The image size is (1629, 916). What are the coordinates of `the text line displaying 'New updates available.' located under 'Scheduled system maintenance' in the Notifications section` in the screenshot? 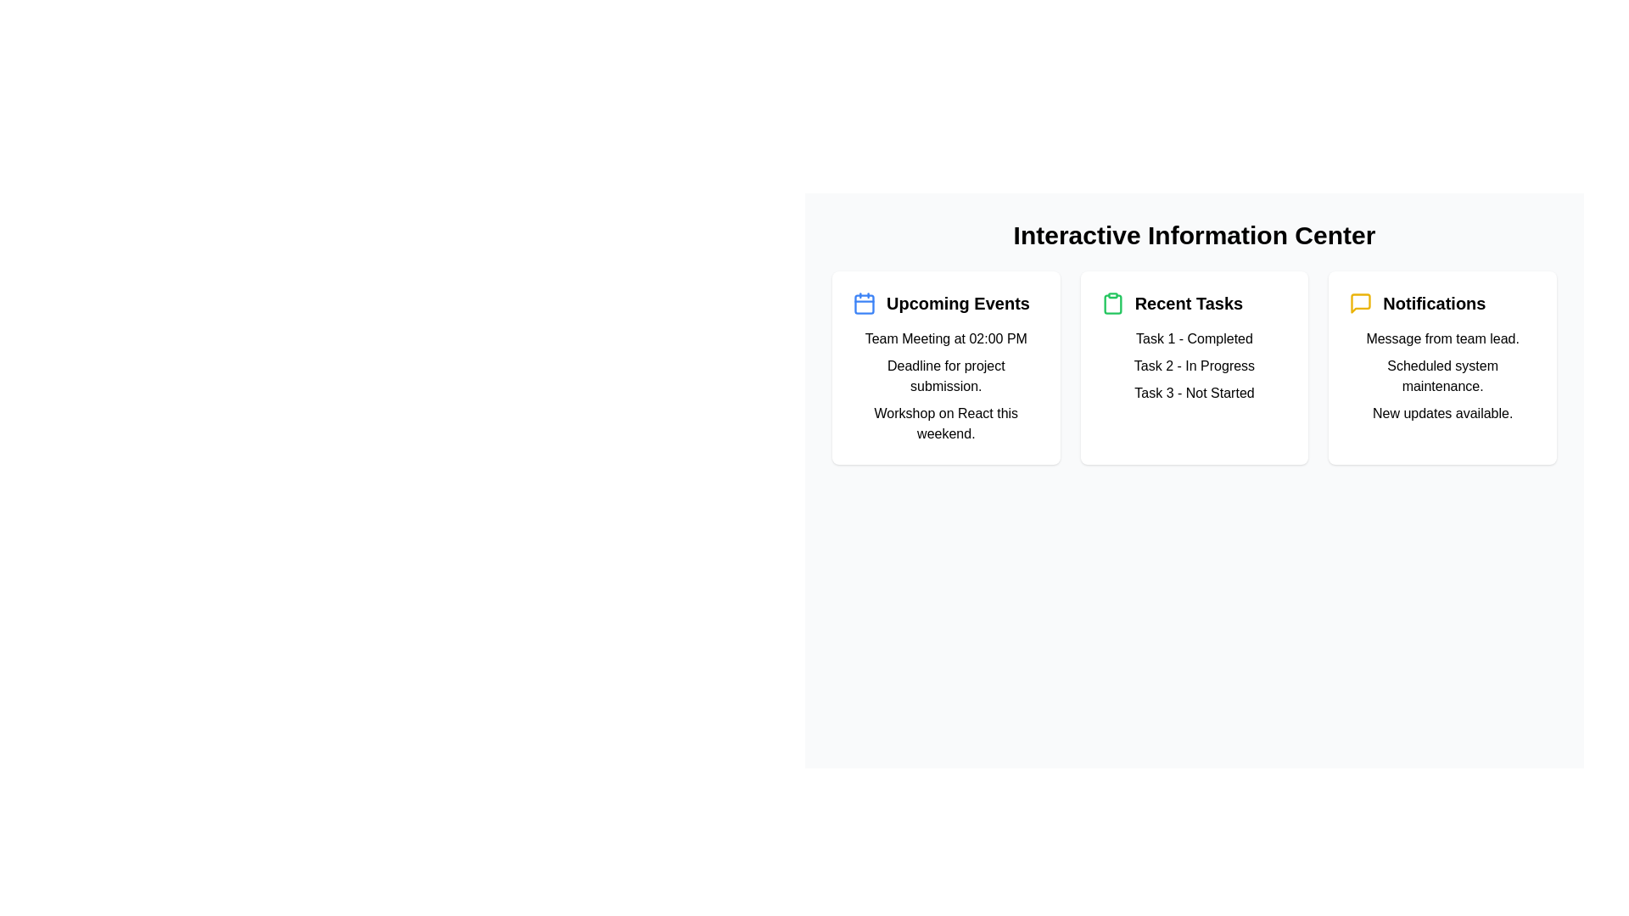 It's located at (1441, 414).